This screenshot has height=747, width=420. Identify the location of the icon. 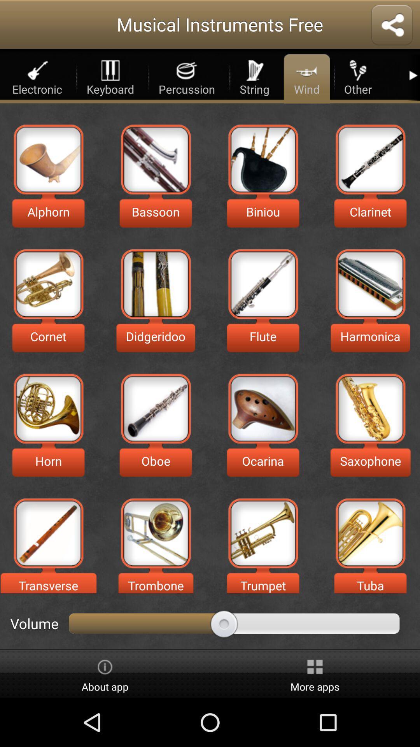
(48, 533).